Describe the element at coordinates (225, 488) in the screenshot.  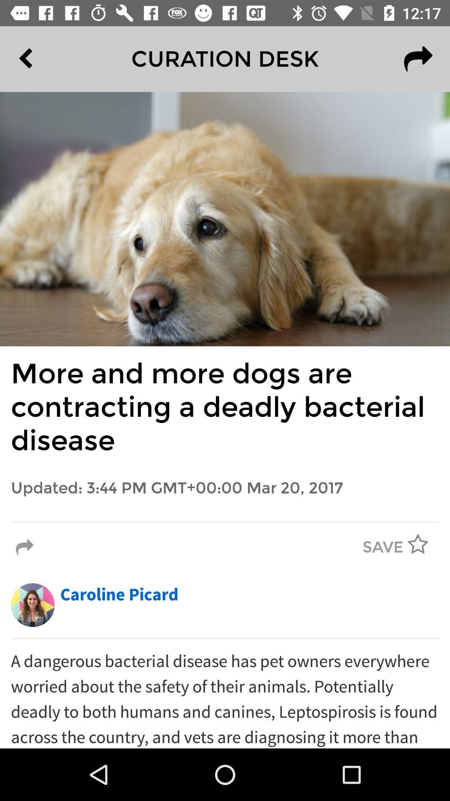
I see `the updated 3 44` at that location.